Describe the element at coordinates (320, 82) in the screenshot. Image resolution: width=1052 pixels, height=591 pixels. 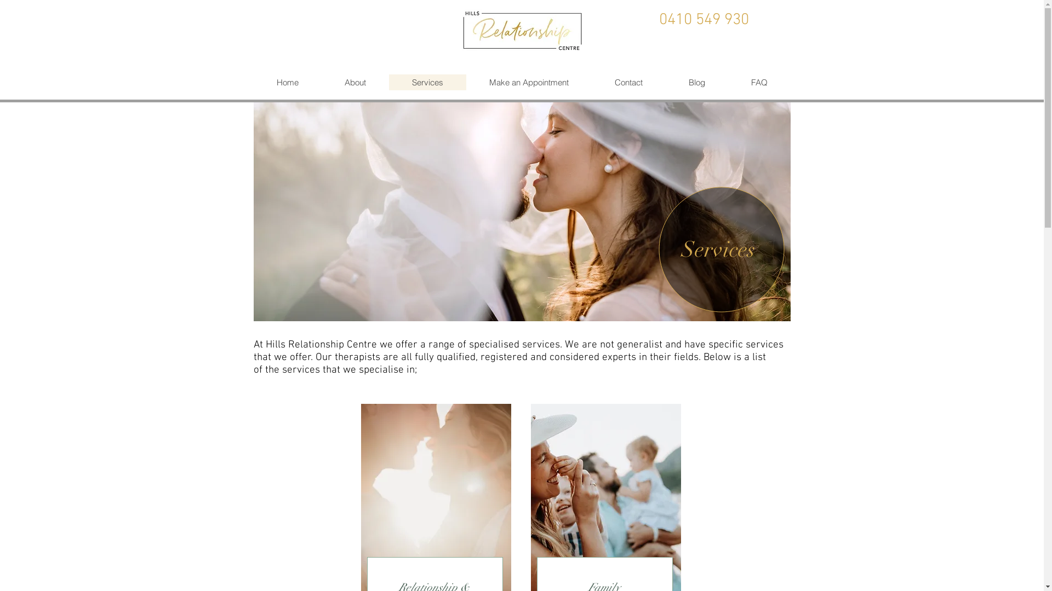
I see `'About'` at that location.